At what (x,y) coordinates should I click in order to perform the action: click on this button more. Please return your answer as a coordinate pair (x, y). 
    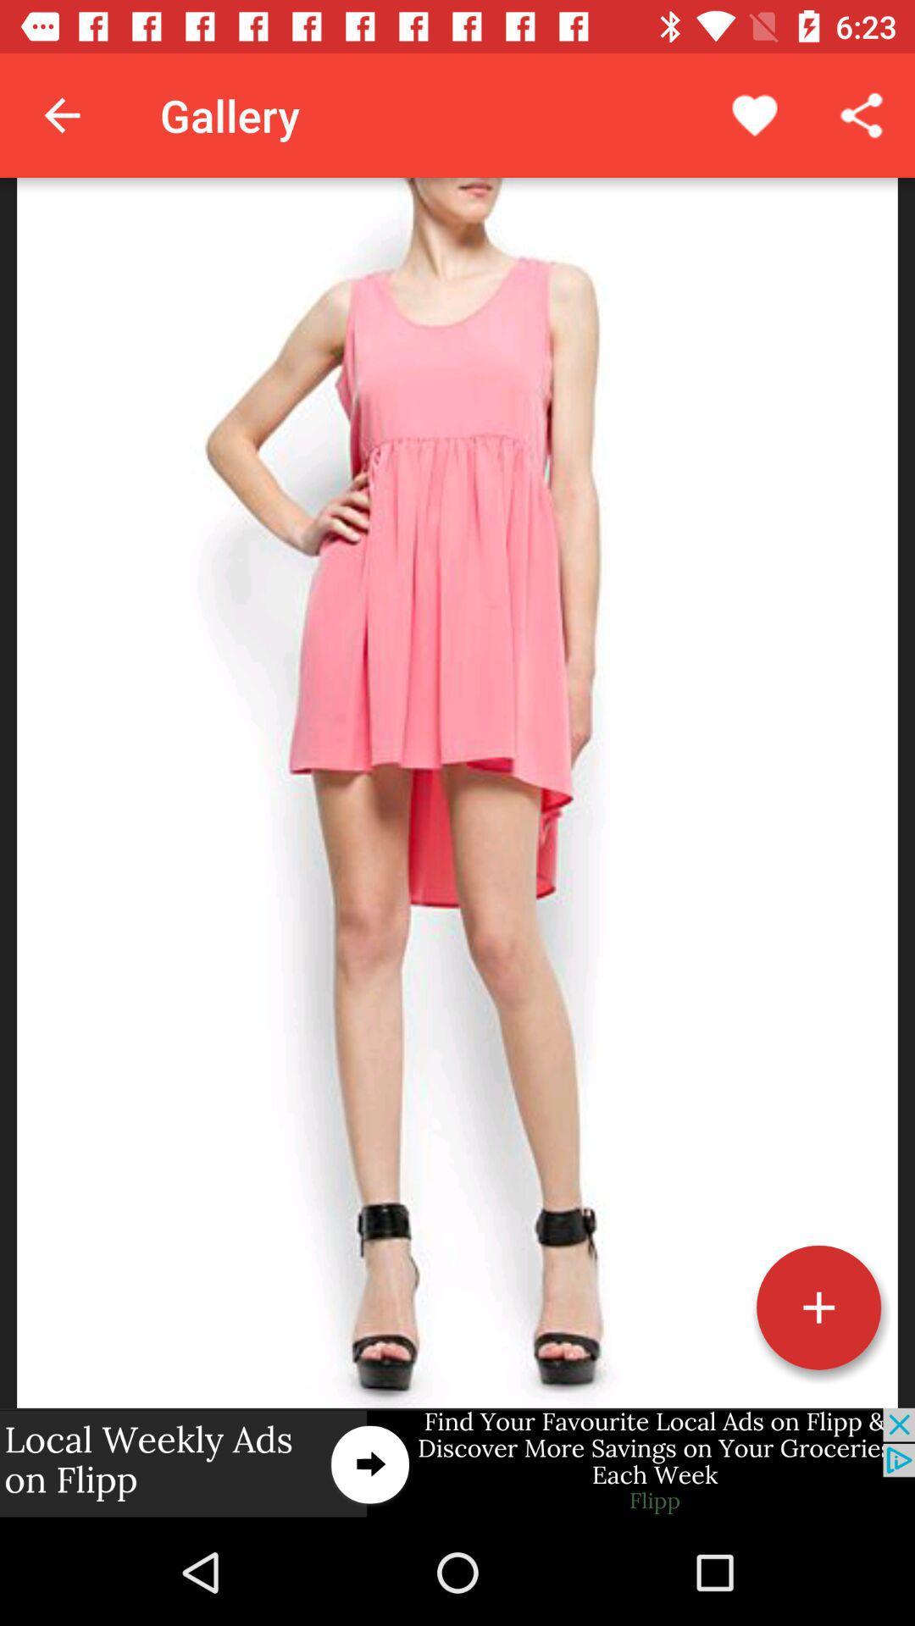
    Looking at the image, I should click on (818, 1307).